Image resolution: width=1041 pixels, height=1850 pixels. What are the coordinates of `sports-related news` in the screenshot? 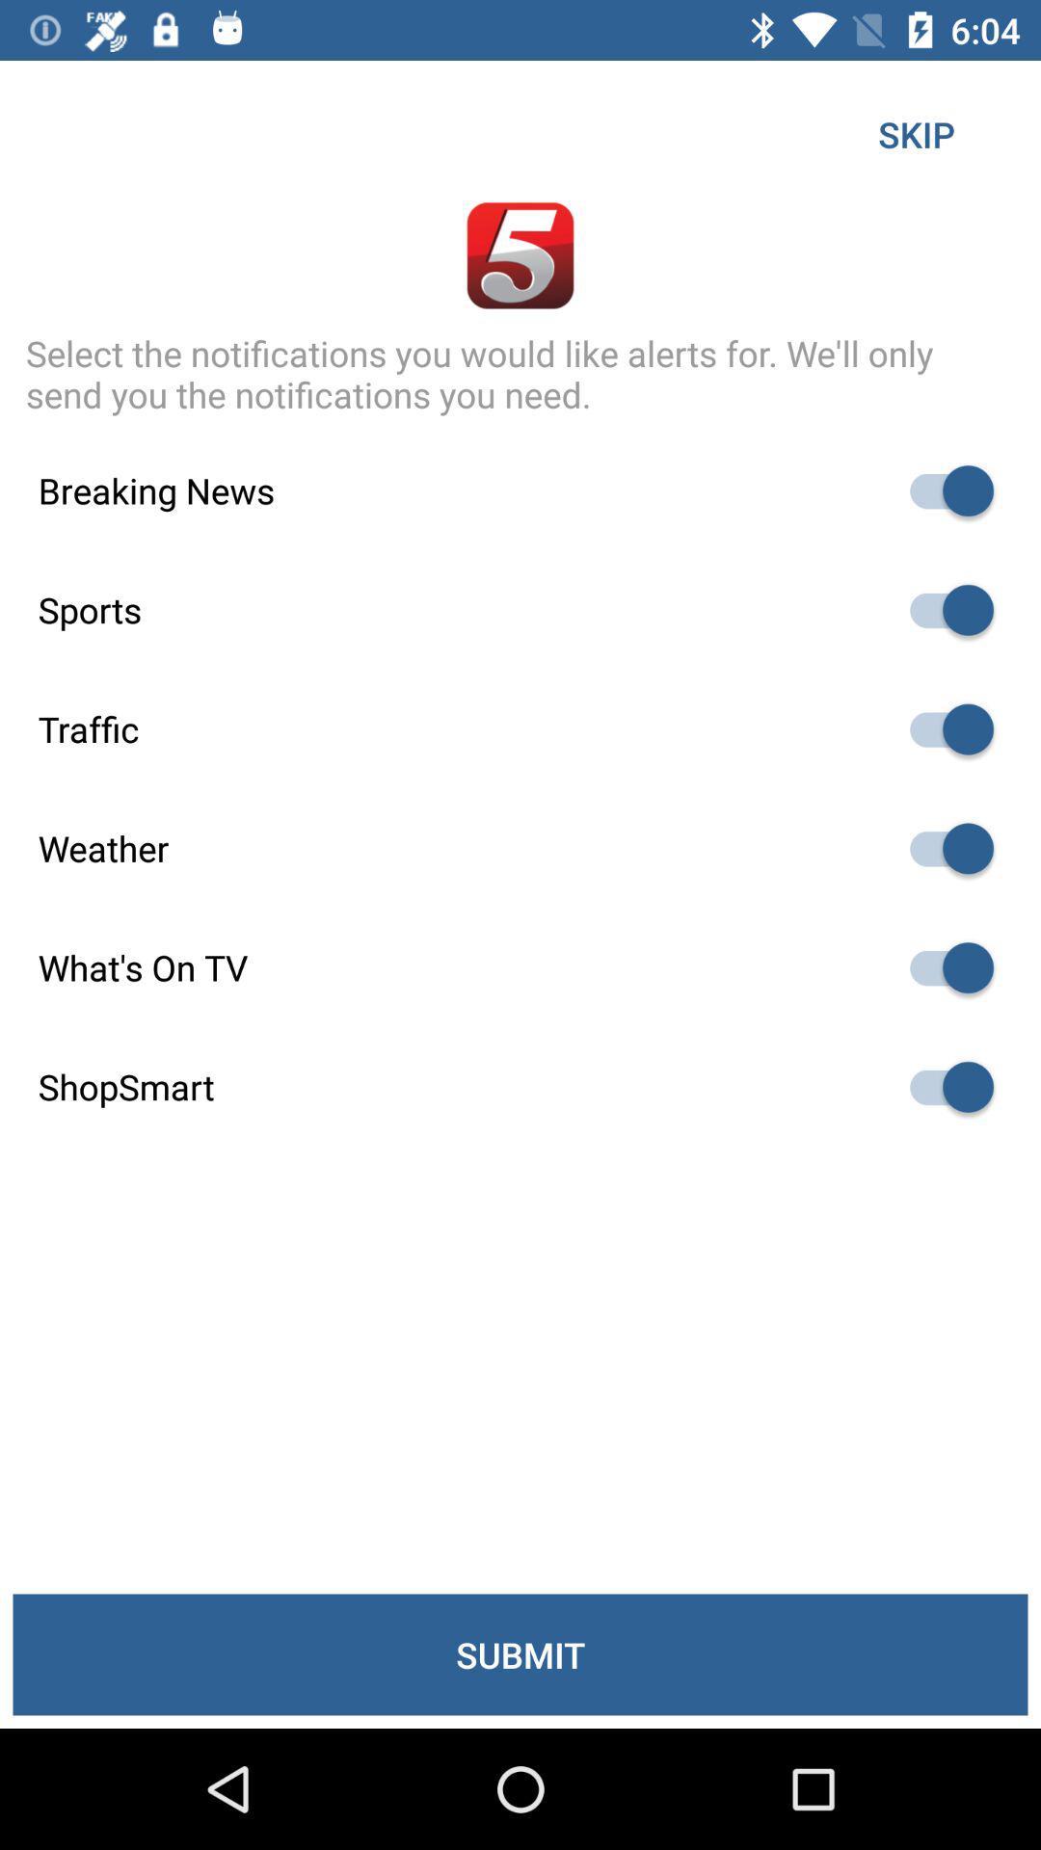 It's located at (942, 609).